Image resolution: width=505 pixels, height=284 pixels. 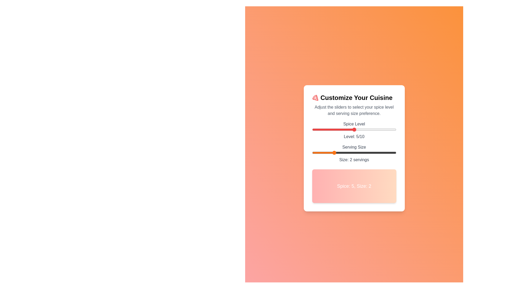 I want to click on the serving size slider to 2 servings, so click(x=333, y=153).